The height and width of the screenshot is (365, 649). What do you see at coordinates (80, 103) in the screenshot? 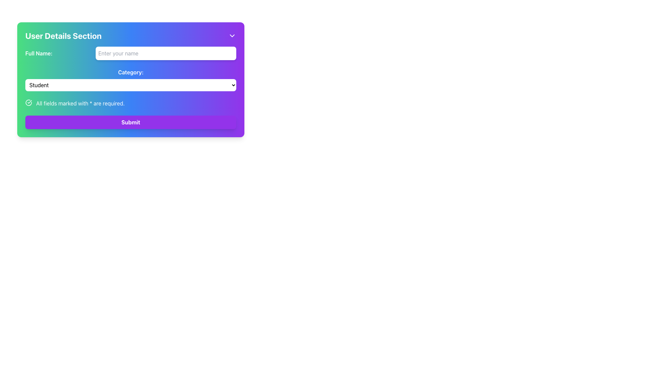
I see `the text label displaying the message 'All fields marked with * are required.' which is styled with a white font color on a gradient blue-purple background, located near the bottom region of the interface` at bounding box center [80, 103].